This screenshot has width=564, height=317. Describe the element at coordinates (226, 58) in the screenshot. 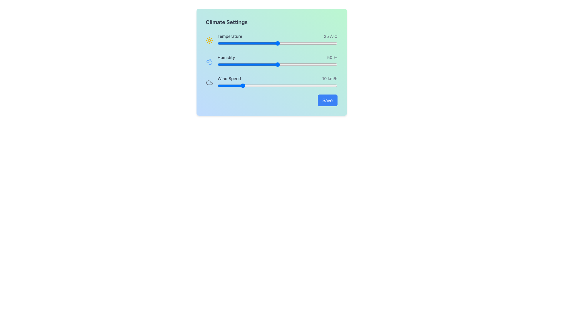

I see `the 'Humidity' text label, which is a medium-sized gray font element located in the second row of settings under 'Climate Settings'` at that location.